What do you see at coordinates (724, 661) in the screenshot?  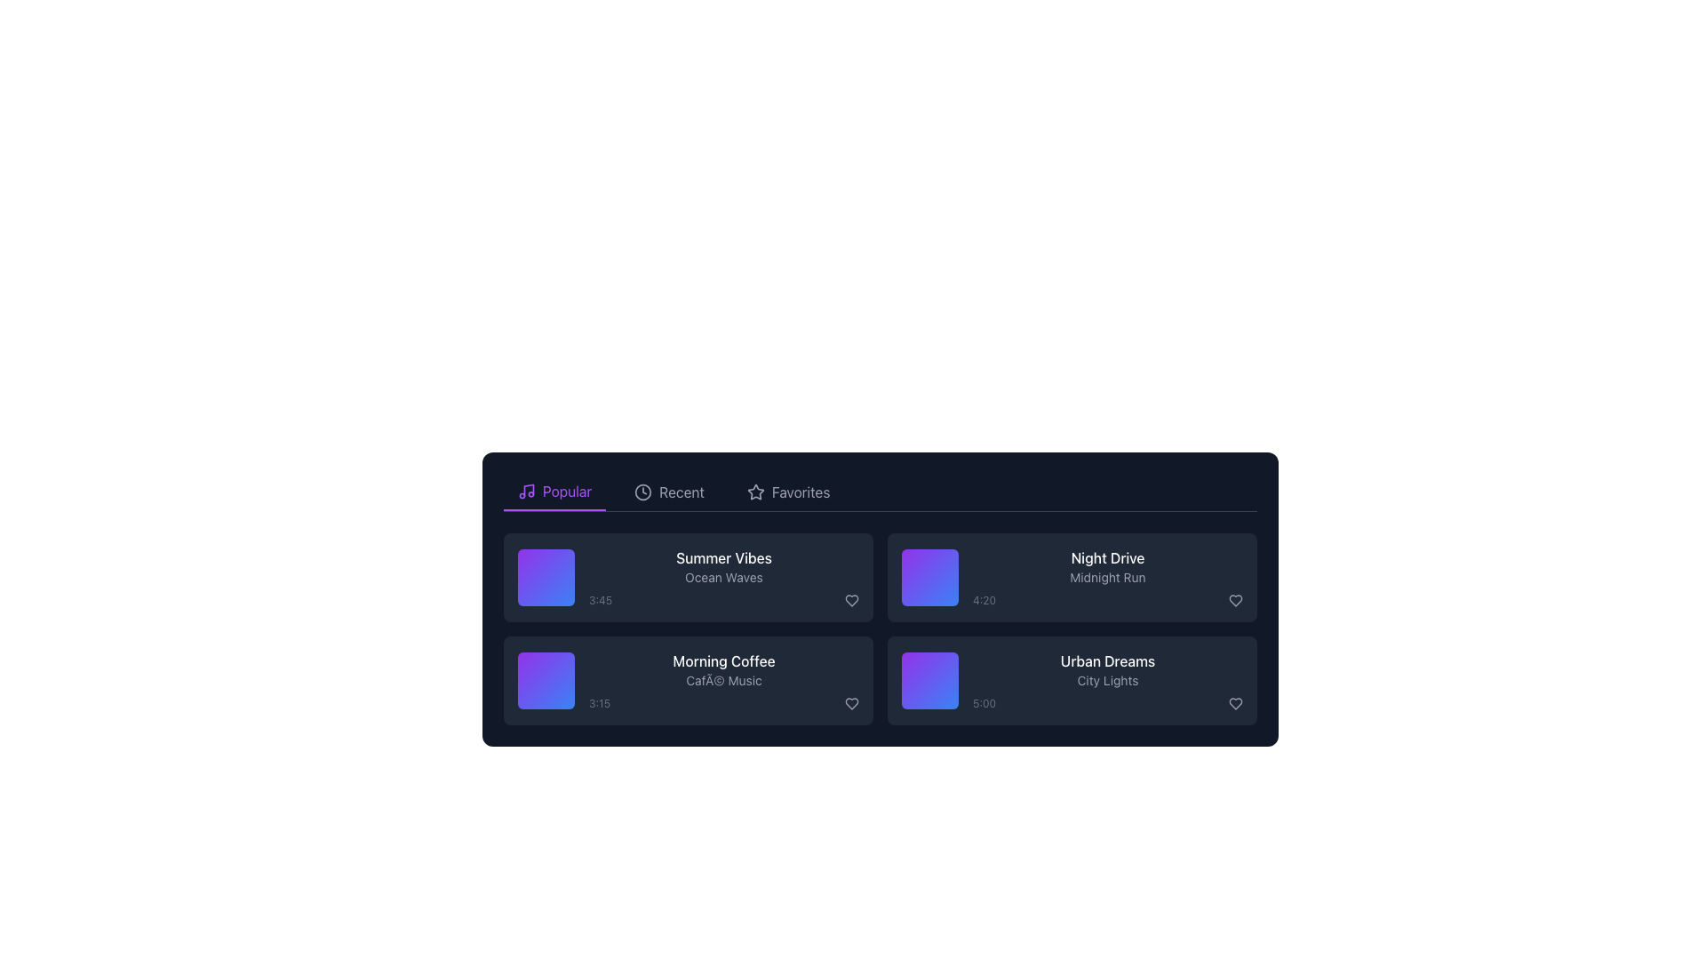 I see `the text label displaying the title 'Morning Coffee' located in the second row and second column of the grid layout, above the subtitle 'Café Music'` at bounding box center [724, 661].